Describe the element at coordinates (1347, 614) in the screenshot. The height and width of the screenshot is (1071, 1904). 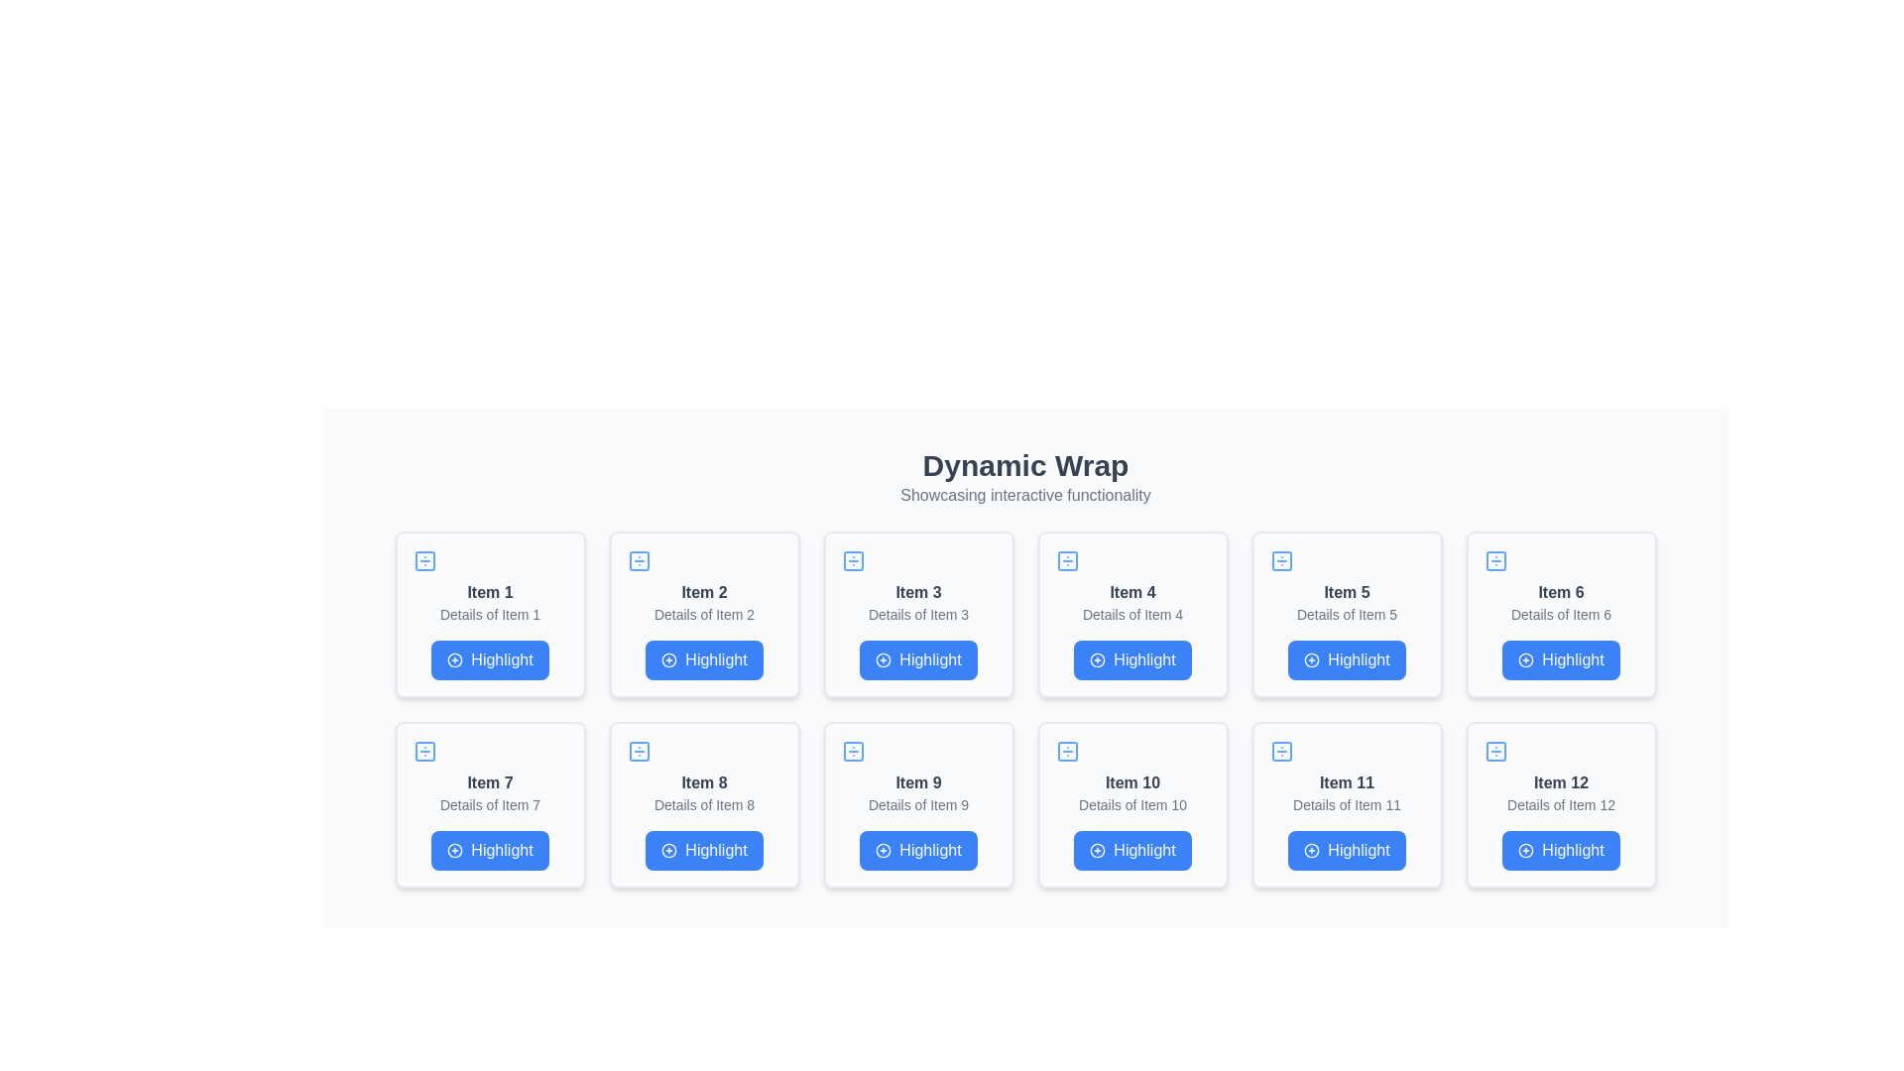
I see `the text label displaying 'Details of Item 5' which is centrally positioned in the card for 'Item 5'` at that location.